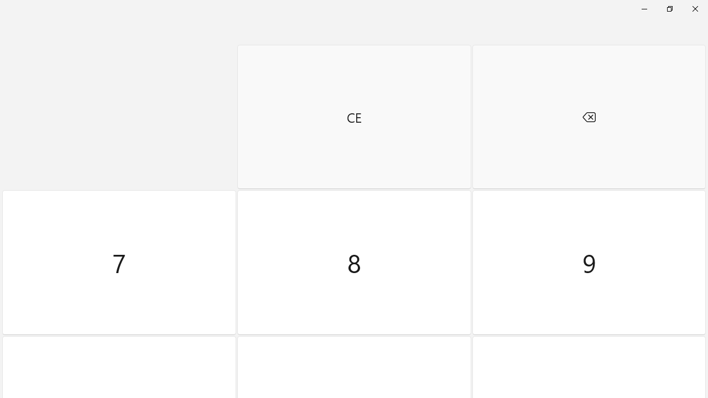 The width and height of the screenshot is (708, 398). What do you see at coordinates (354, 117) in the screenshot?
I see `'Clear entry'` at bounding box center [354, 117].